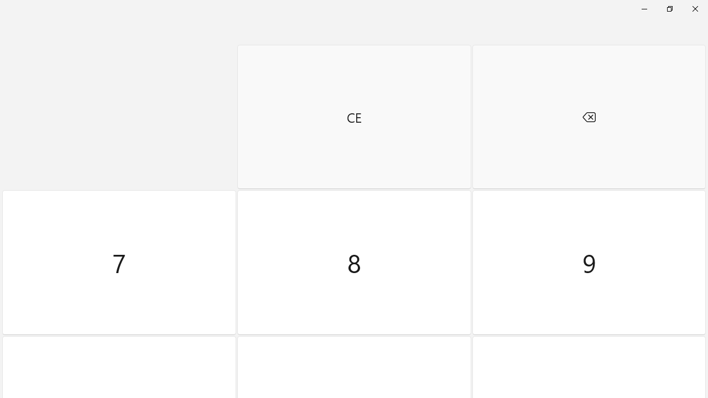 The width and height of the screenshot is (708, 398). What do you see at coordinates (354, 117) in the screenshot?
I see `'Clear entry'` at bounding box center [354, 117].